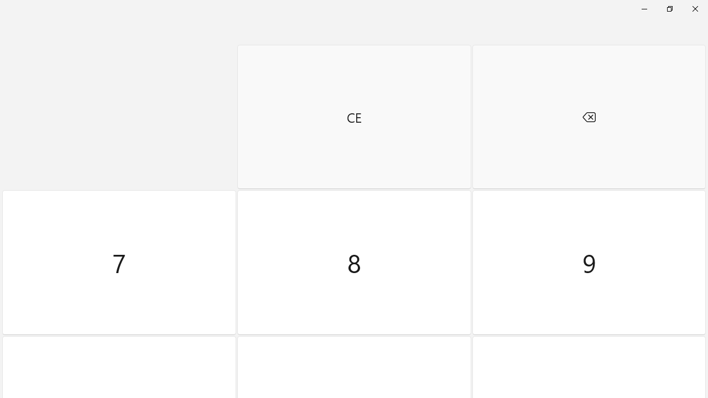 The width and height of the screenshot is (708, 398). What do you see at coordinates (354, 117) in the screenshot?
I see `'Clear entry'` at bounding box center [354, 117].